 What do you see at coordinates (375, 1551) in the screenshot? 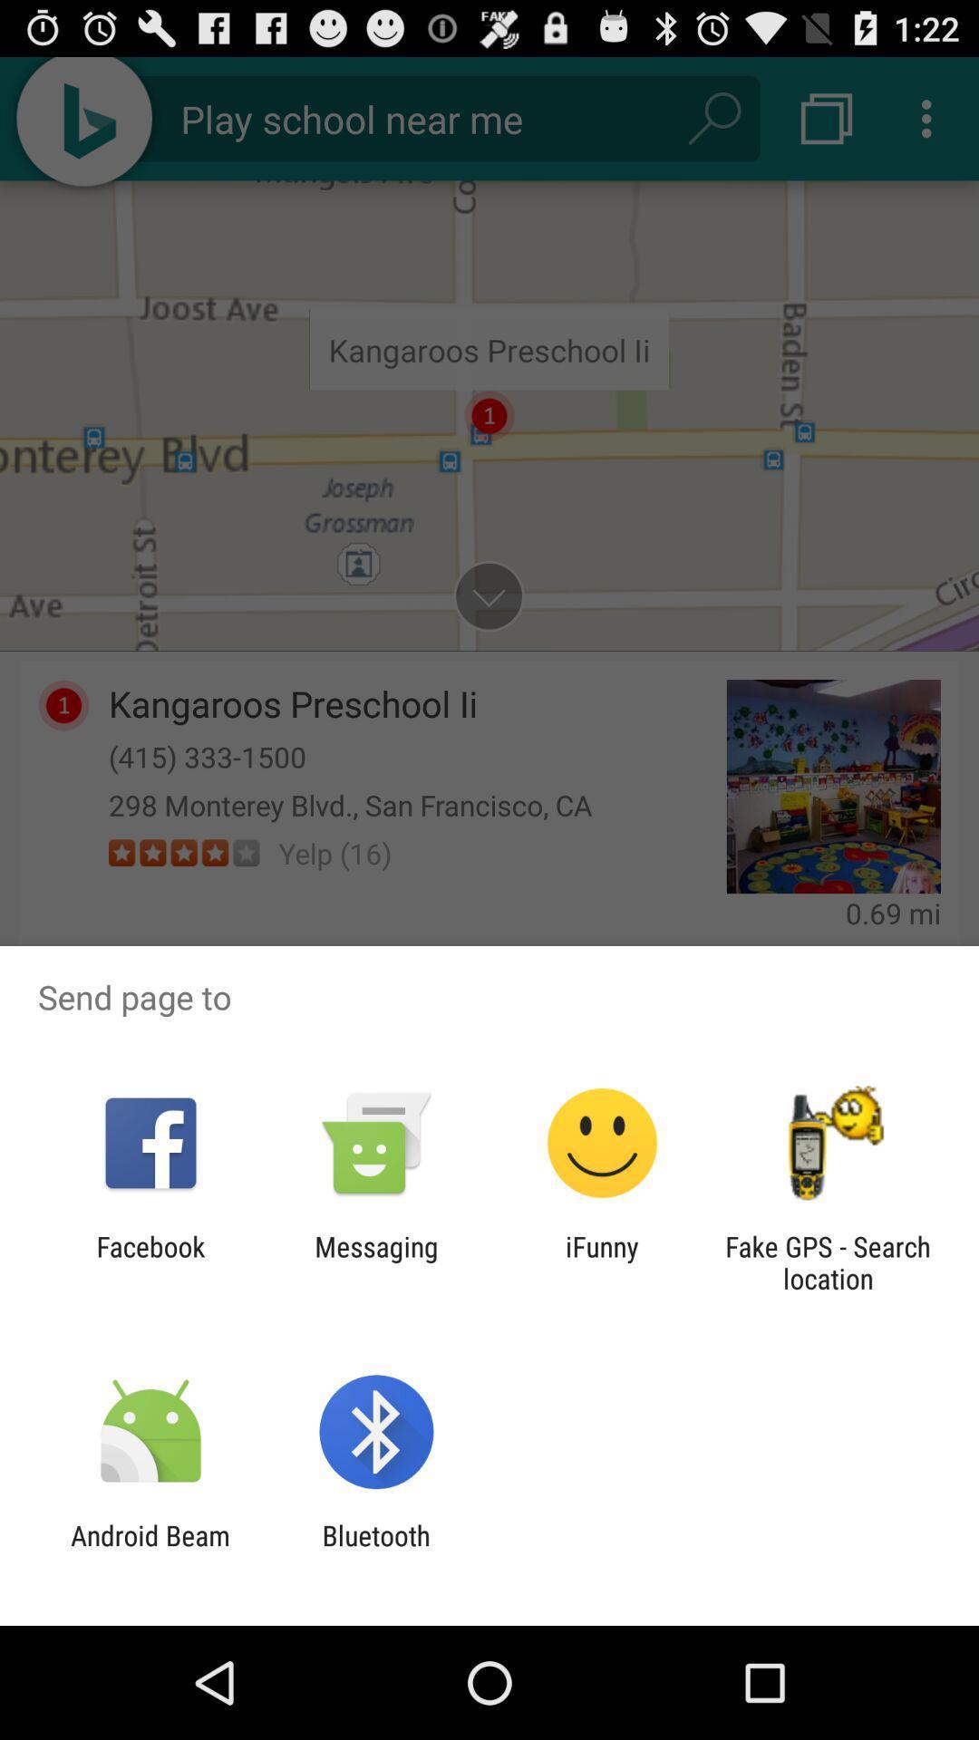
I see `the icon to the right of the android beam app` at bounding box center [375, 1551].